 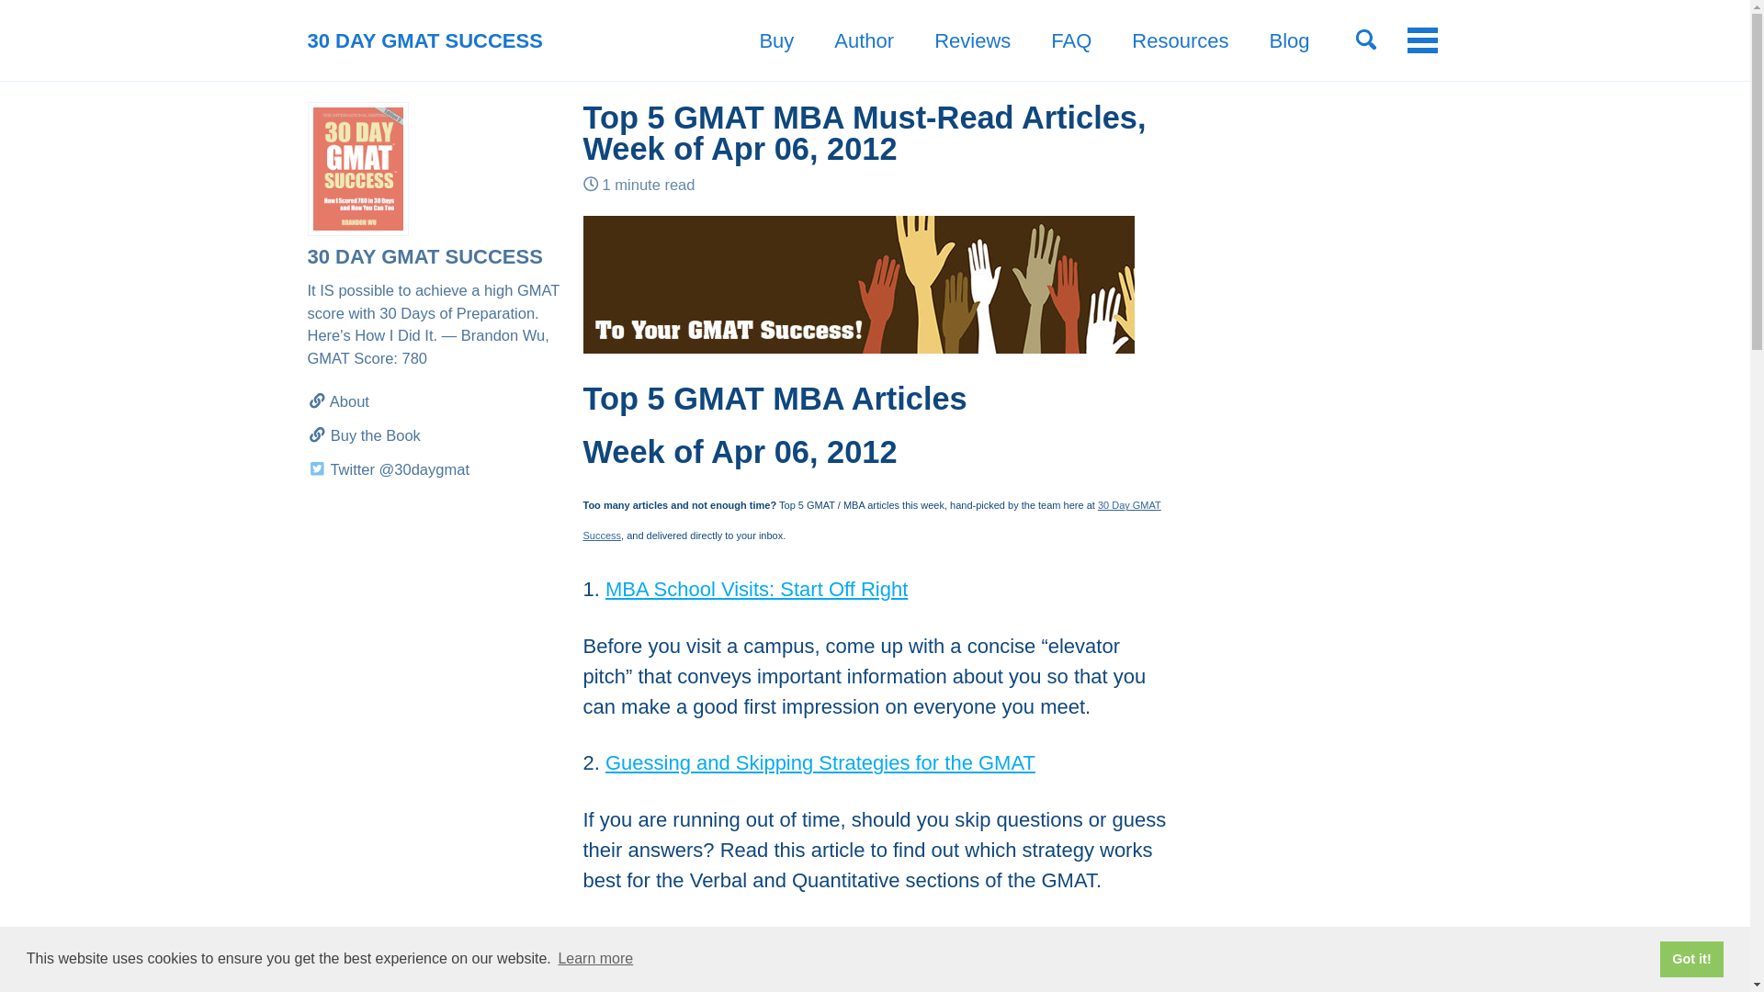 I want to click on 'FAQ', so click(x=1071, y=40).